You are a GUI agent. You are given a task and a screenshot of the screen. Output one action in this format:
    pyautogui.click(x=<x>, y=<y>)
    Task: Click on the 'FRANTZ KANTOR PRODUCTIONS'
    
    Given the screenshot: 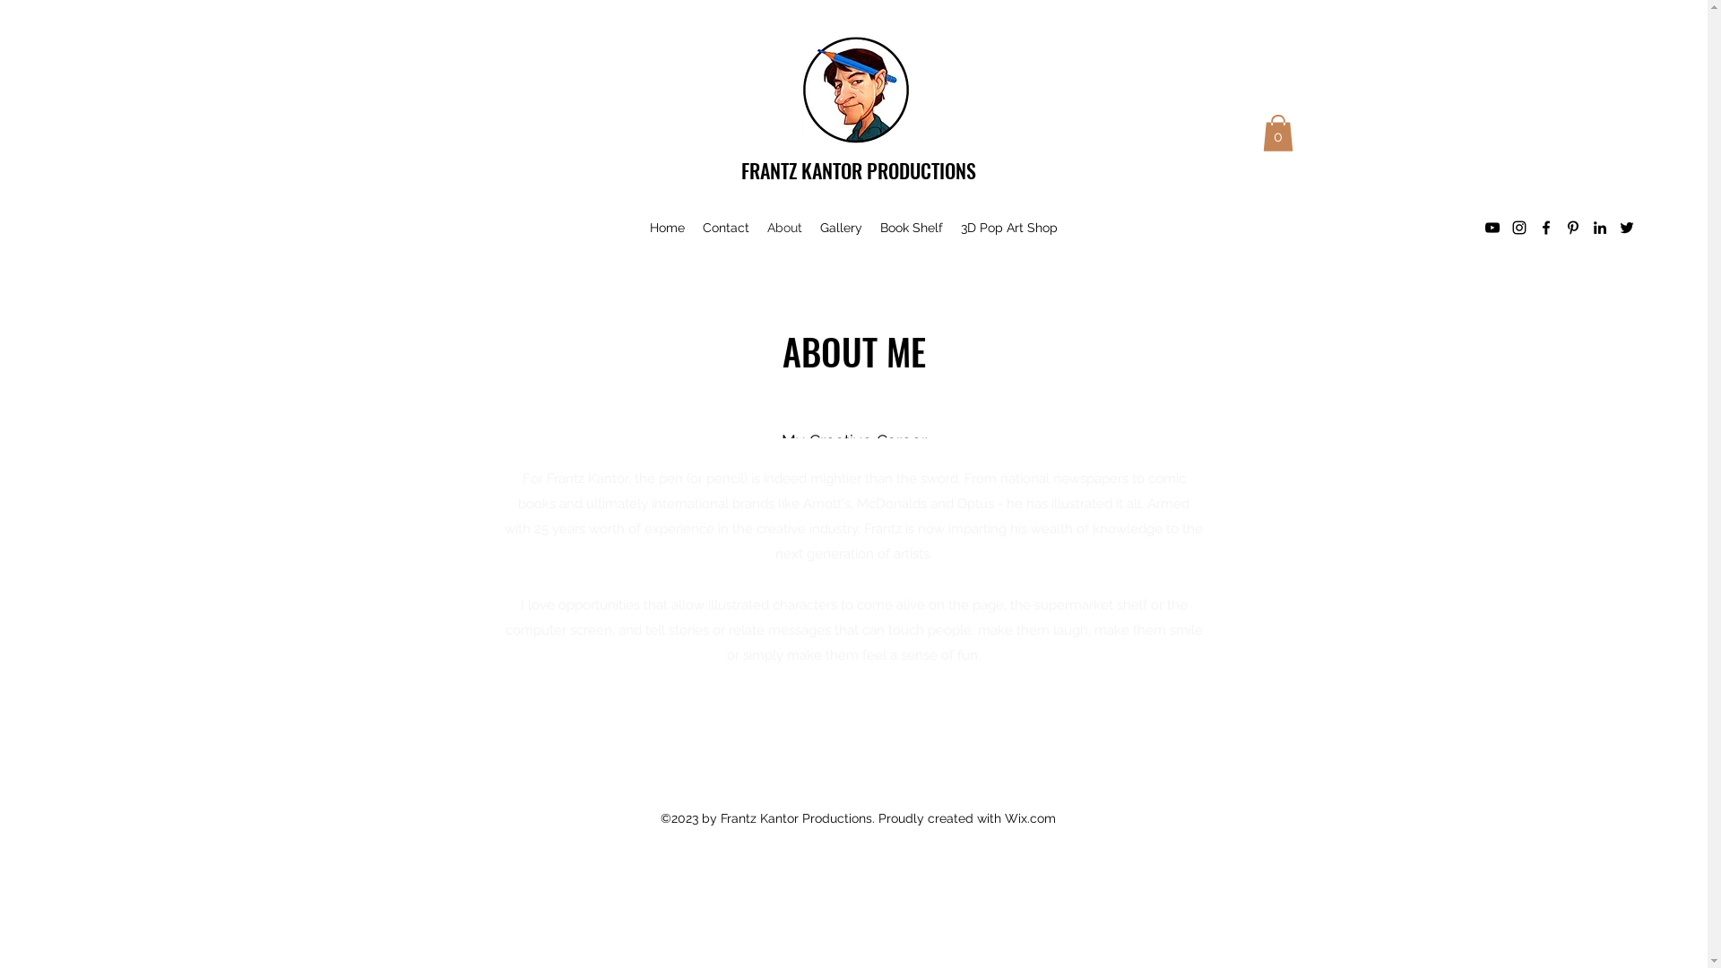 What is the action you would take?
    pyautogui.click(x=858, y=169)
    